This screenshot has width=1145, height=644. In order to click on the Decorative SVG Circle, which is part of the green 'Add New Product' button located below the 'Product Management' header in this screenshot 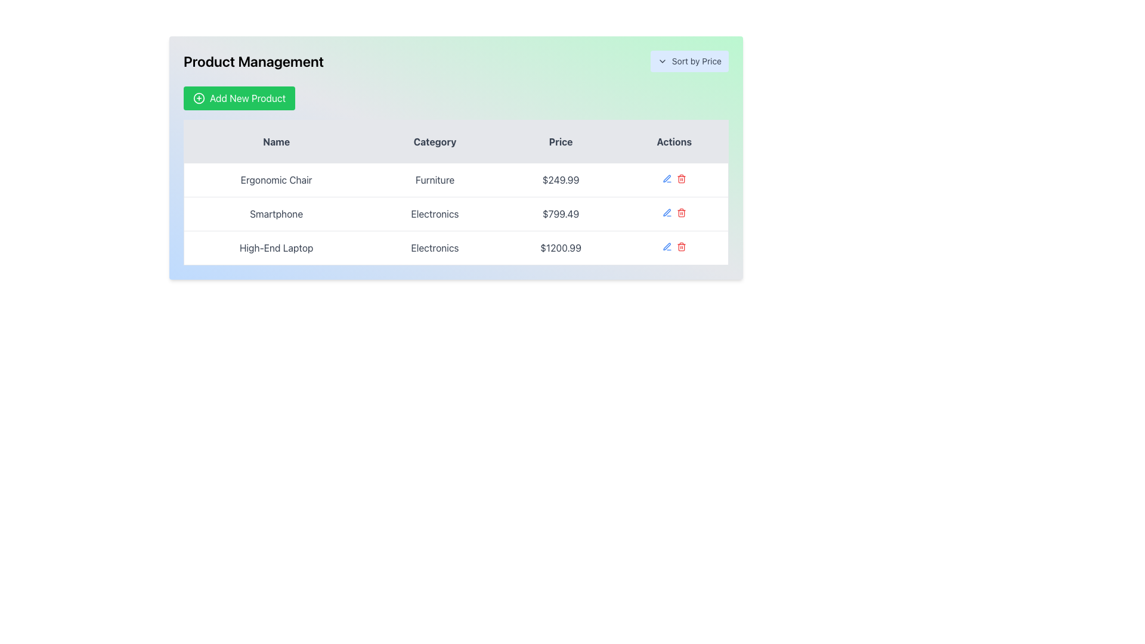, I will do `click(199, 98)`.